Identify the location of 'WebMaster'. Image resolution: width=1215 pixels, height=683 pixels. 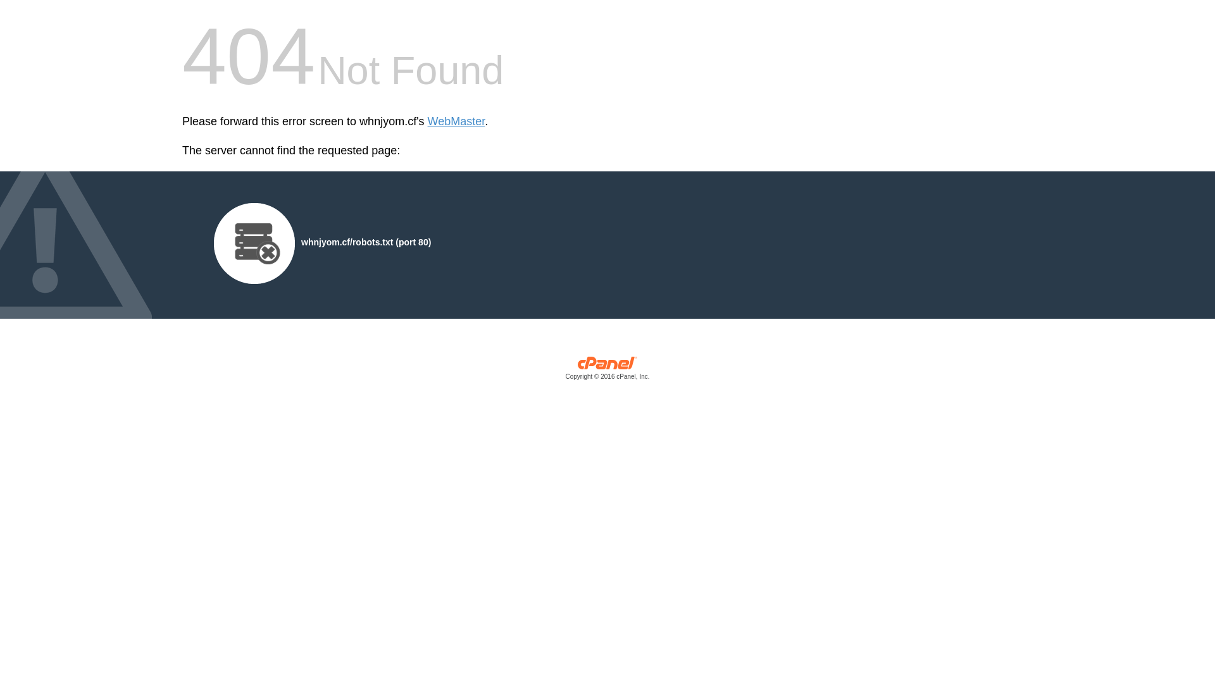
(428, 121).